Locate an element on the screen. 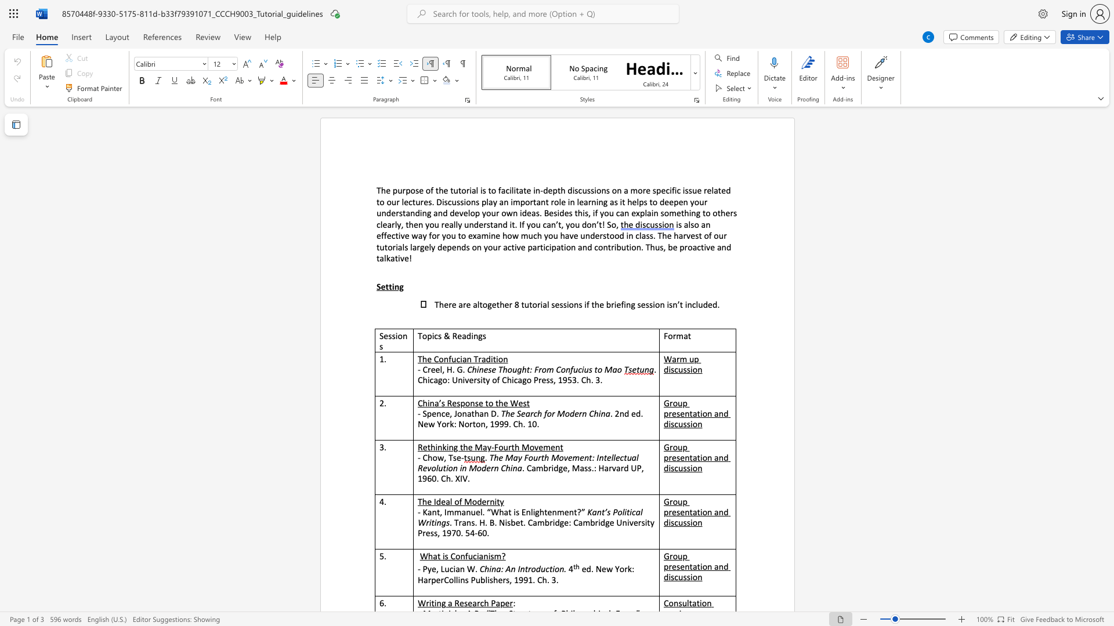  the subset text "at is Con" within the text "What is Confucianism?" is located at coordinates (432, 555).